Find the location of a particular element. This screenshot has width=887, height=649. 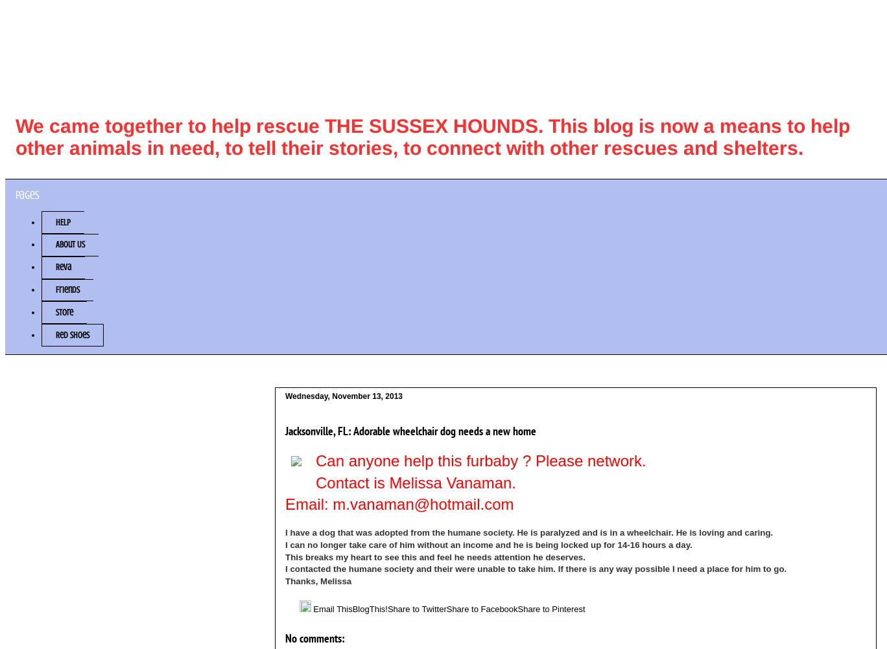

'This breaks my heart to see this and feel he needs attention he deserves.' is located at coordinates (285, 556).